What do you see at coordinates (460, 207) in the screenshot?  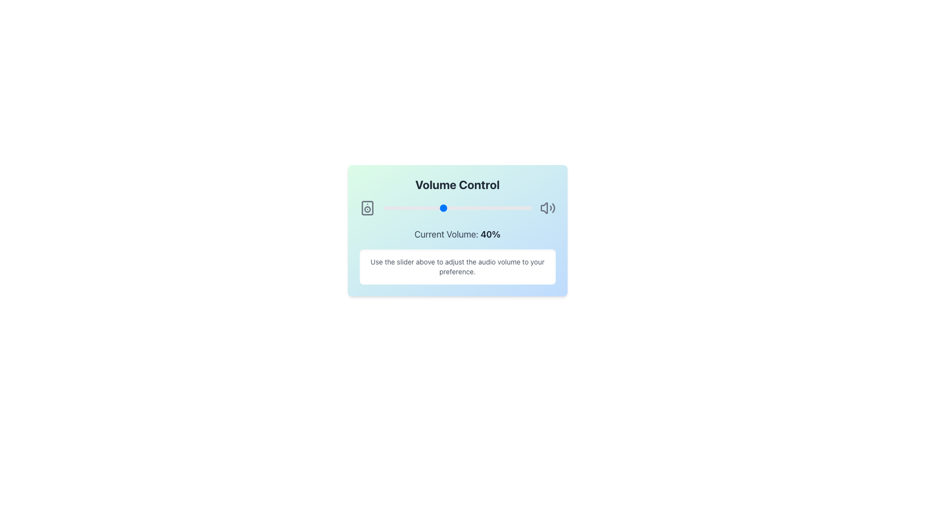 I see `the volume level` at bounding box center [460, 207].